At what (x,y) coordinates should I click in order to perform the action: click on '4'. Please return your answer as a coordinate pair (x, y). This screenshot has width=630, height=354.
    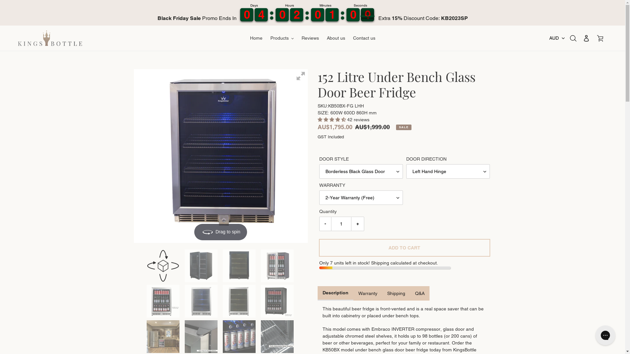
    Looking at the image, I should click on (367, 15).